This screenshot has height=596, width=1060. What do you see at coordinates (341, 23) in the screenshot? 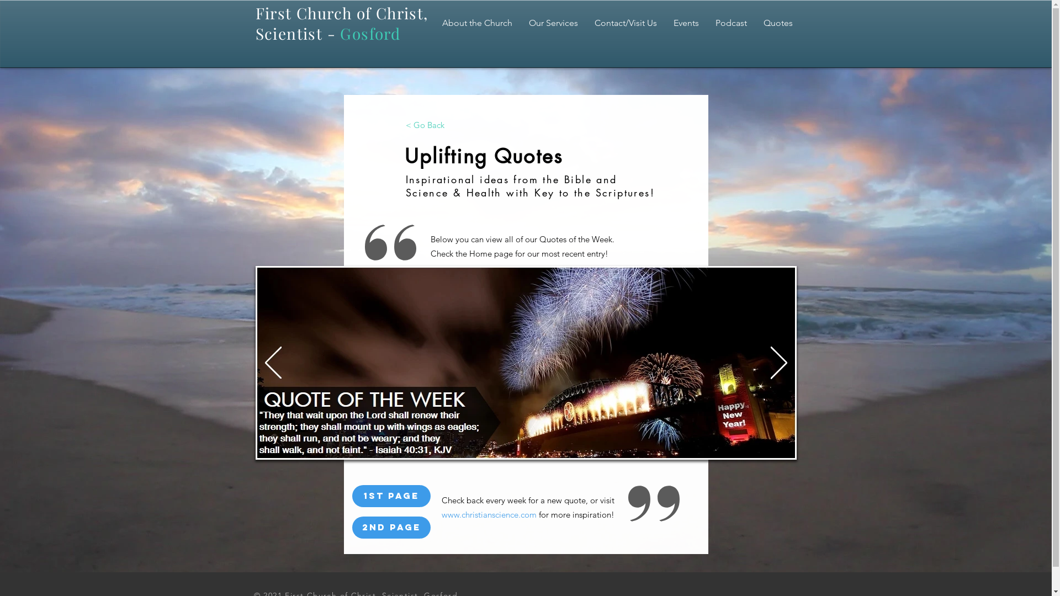
I see `'First Church of Christ, Scientist - Gosford'` at bounding box center [341, 23].